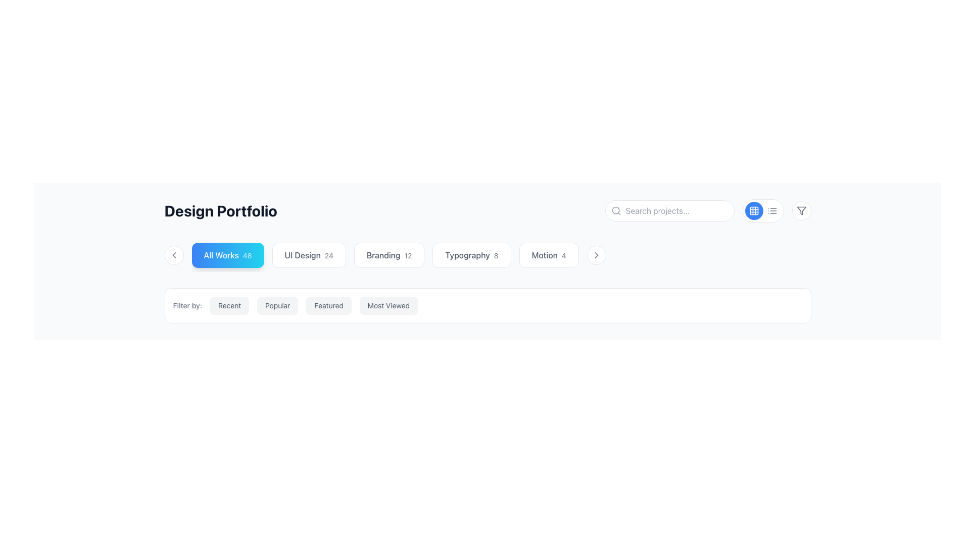 This screenshot has height=545, width=970. What do you see at coordinates (615, 210) in the screenshot?
I see `the small gray magnifying glass icon located within the search input field, aligned to the left of the text placeholder 'Search projects...', to access the search functionality` at bounding box center [615, 210].